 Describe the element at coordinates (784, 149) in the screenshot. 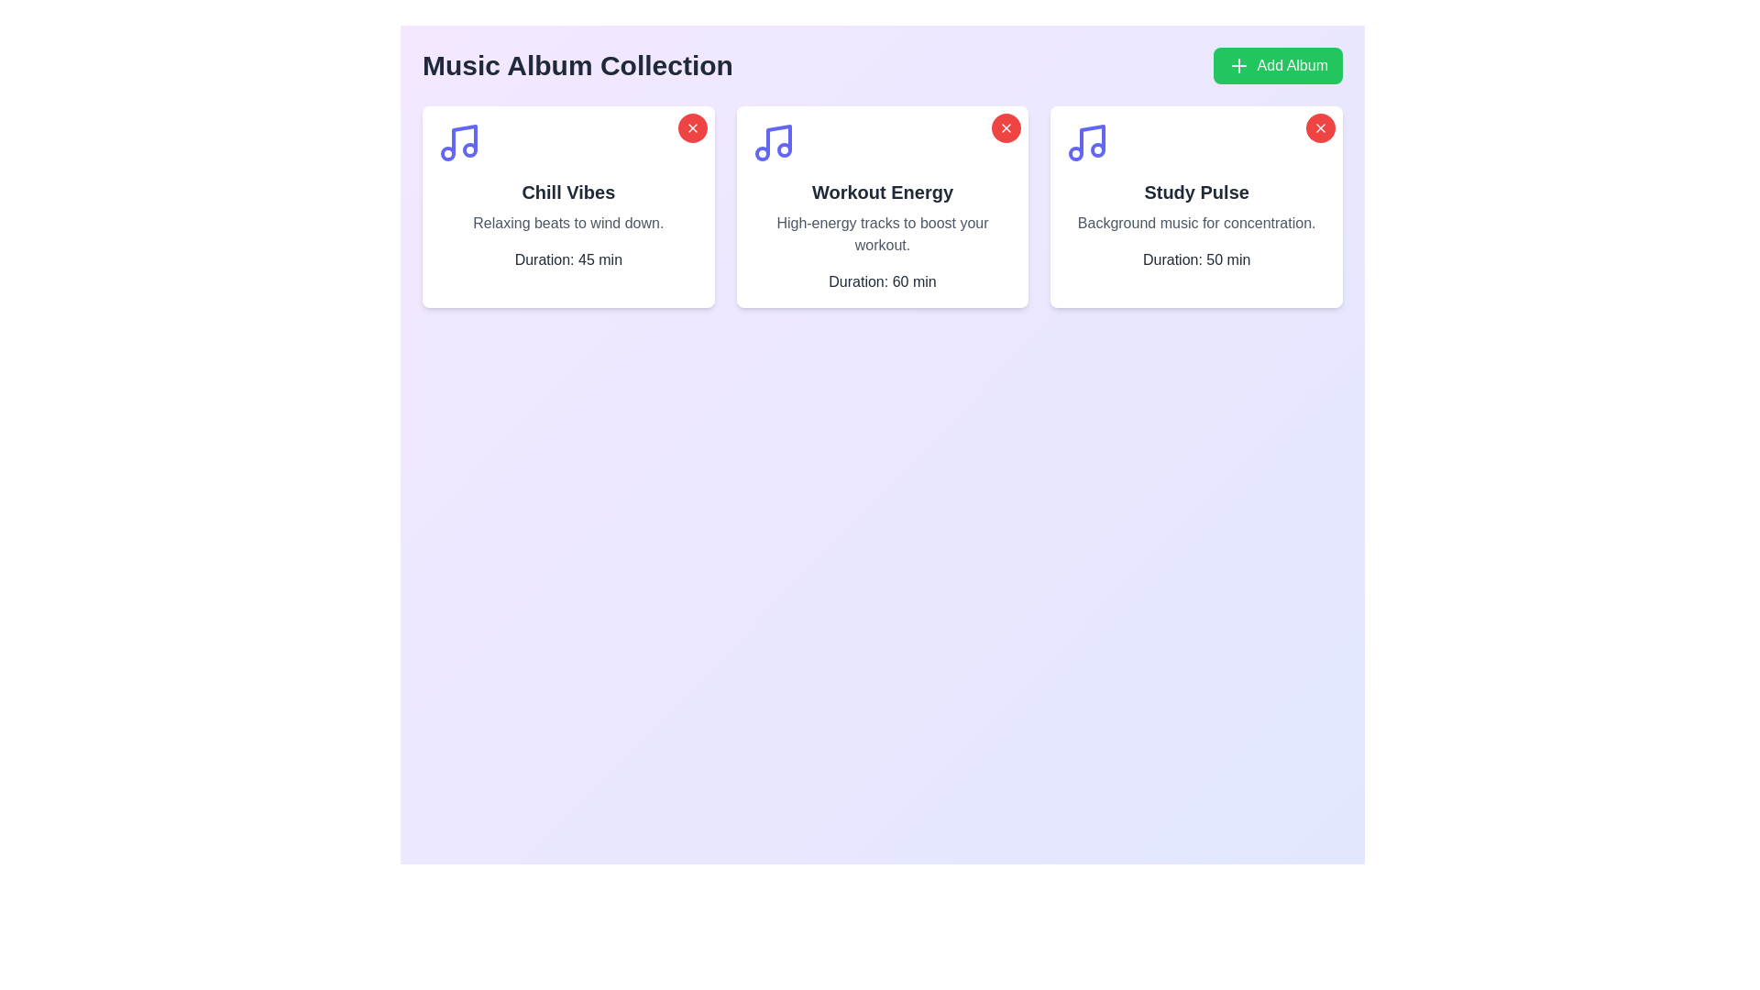

I see `the decorative circle that serves as a status indicator within the music icon, located at the top left of the 'Workout Energy' card` at that location.